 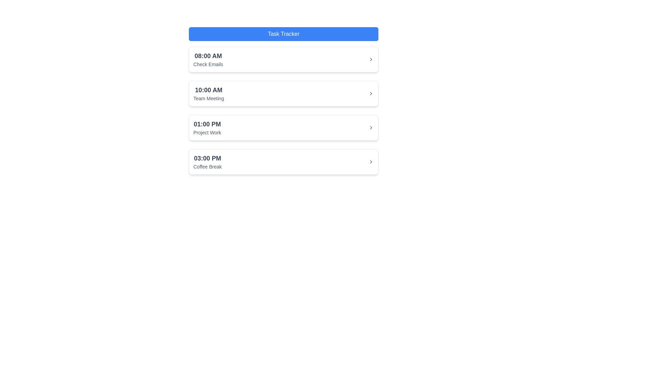 I want to click on contents of the Text module displaying the scheduled event's time ('08:00 AM') and description ('Check Emails'), located in the first row of the vertically stacked list of events, so click(x=208, y=59).